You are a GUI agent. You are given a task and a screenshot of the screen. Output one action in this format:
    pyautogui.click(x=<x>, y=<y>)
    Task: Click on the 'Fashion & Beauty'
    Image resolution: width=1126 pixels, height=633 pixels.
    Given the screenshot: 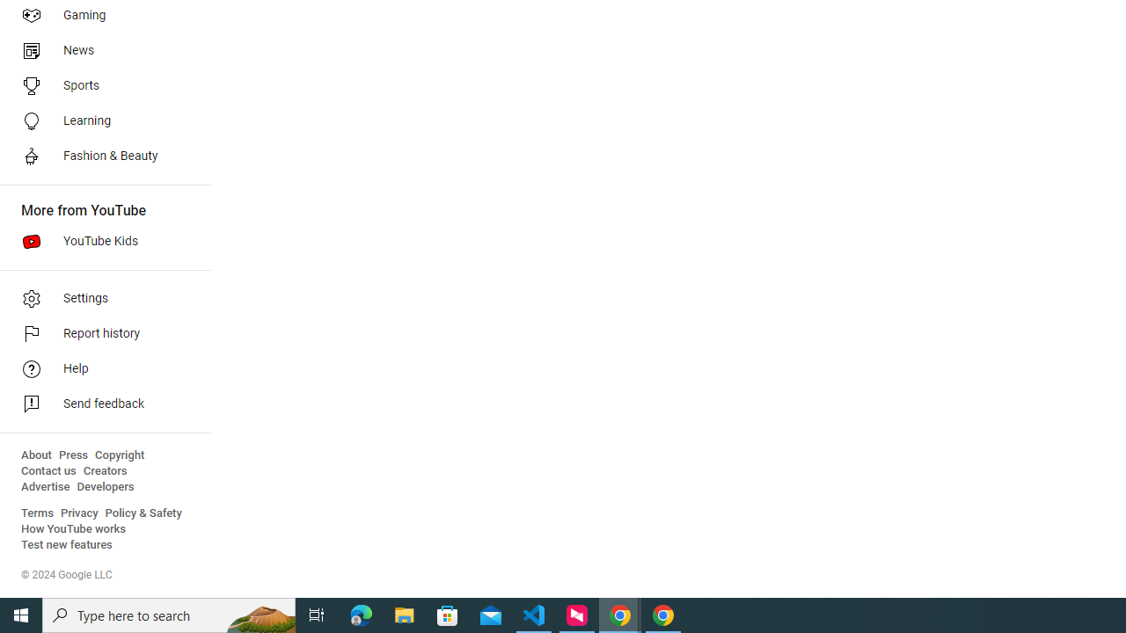 What is the action you would take?
    pyautogui.click(x=99, y=155)
    